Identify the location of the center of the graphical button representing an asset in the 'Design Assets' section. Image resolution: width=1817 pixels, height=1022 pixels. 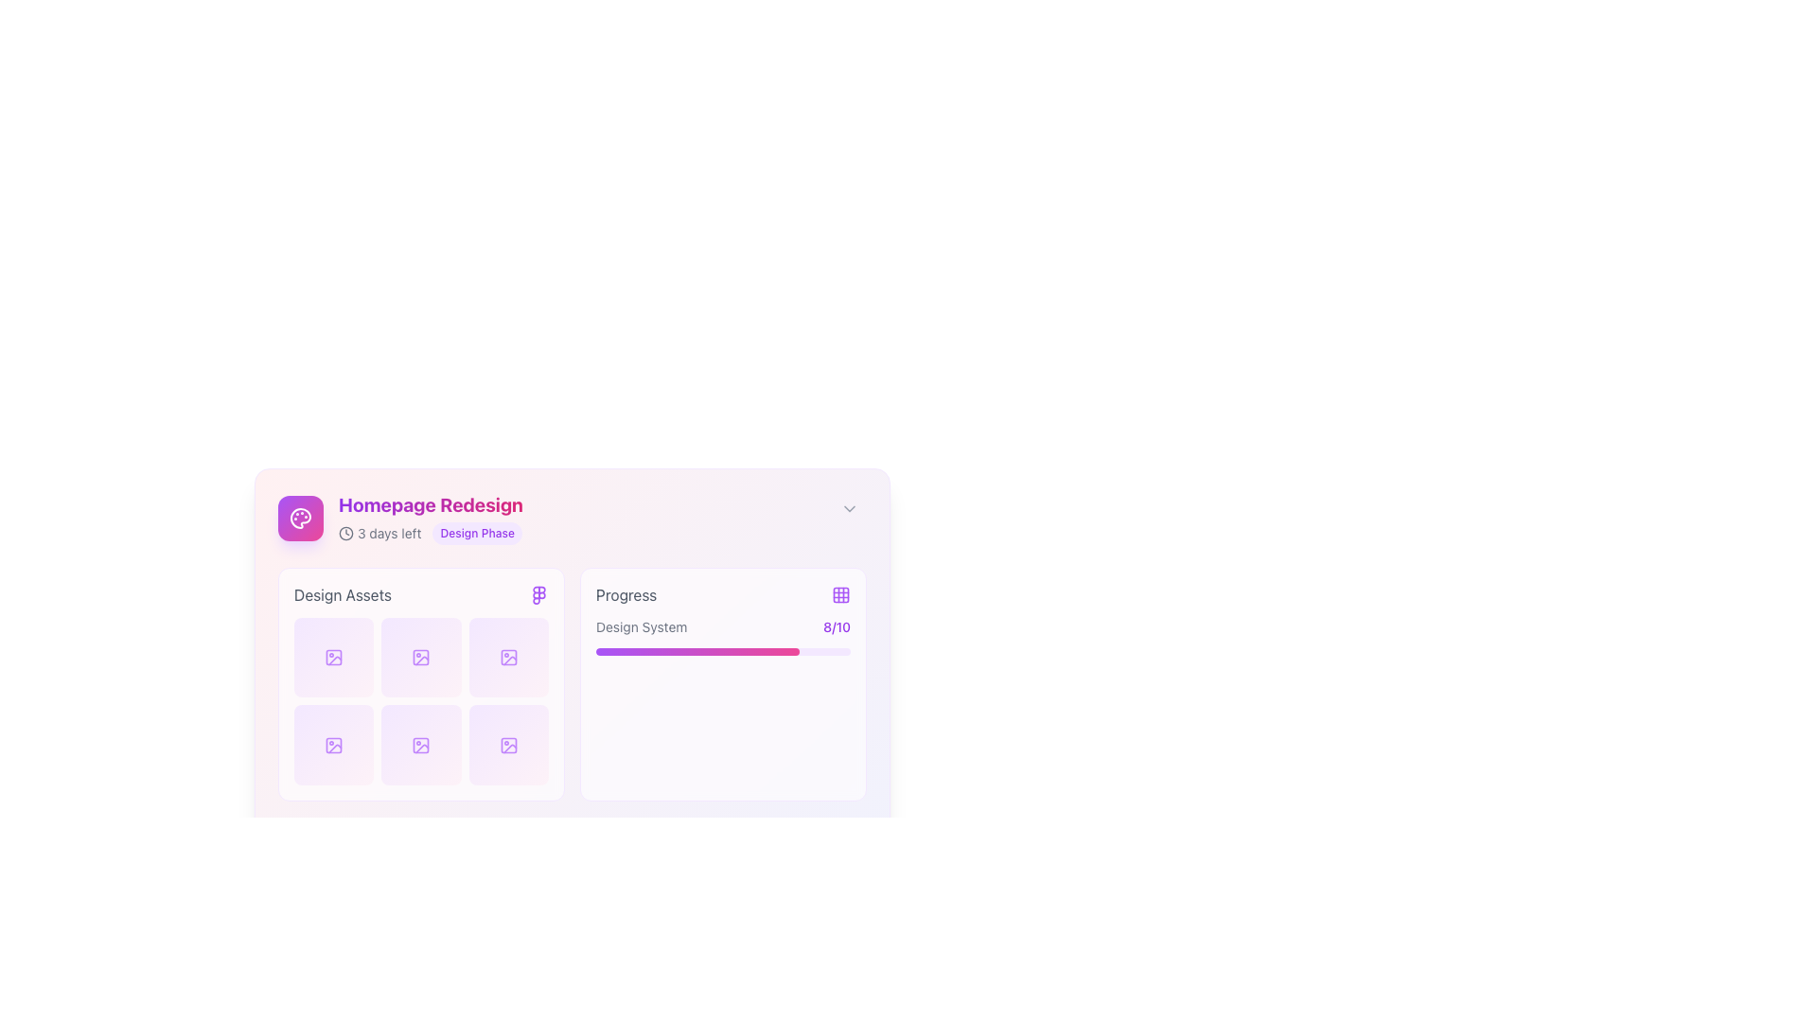
(420, 657).